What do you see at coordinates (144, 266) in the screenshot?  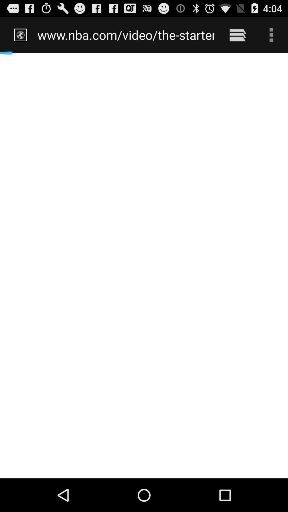 I see `the item at the center` at bounding box center [144, 266].